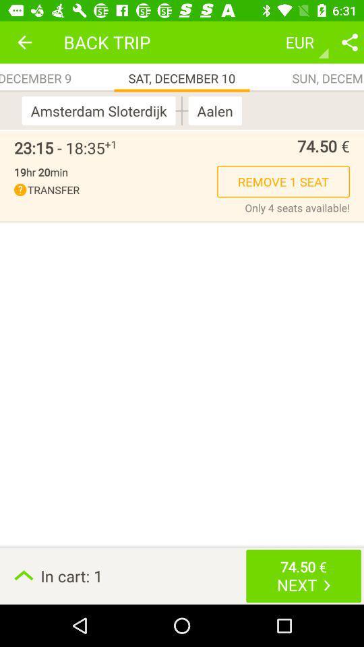  What do you see at coordinates (297, 208) in the screenshot?
I see `item next to transfer item` at bounding box center [297, 208].